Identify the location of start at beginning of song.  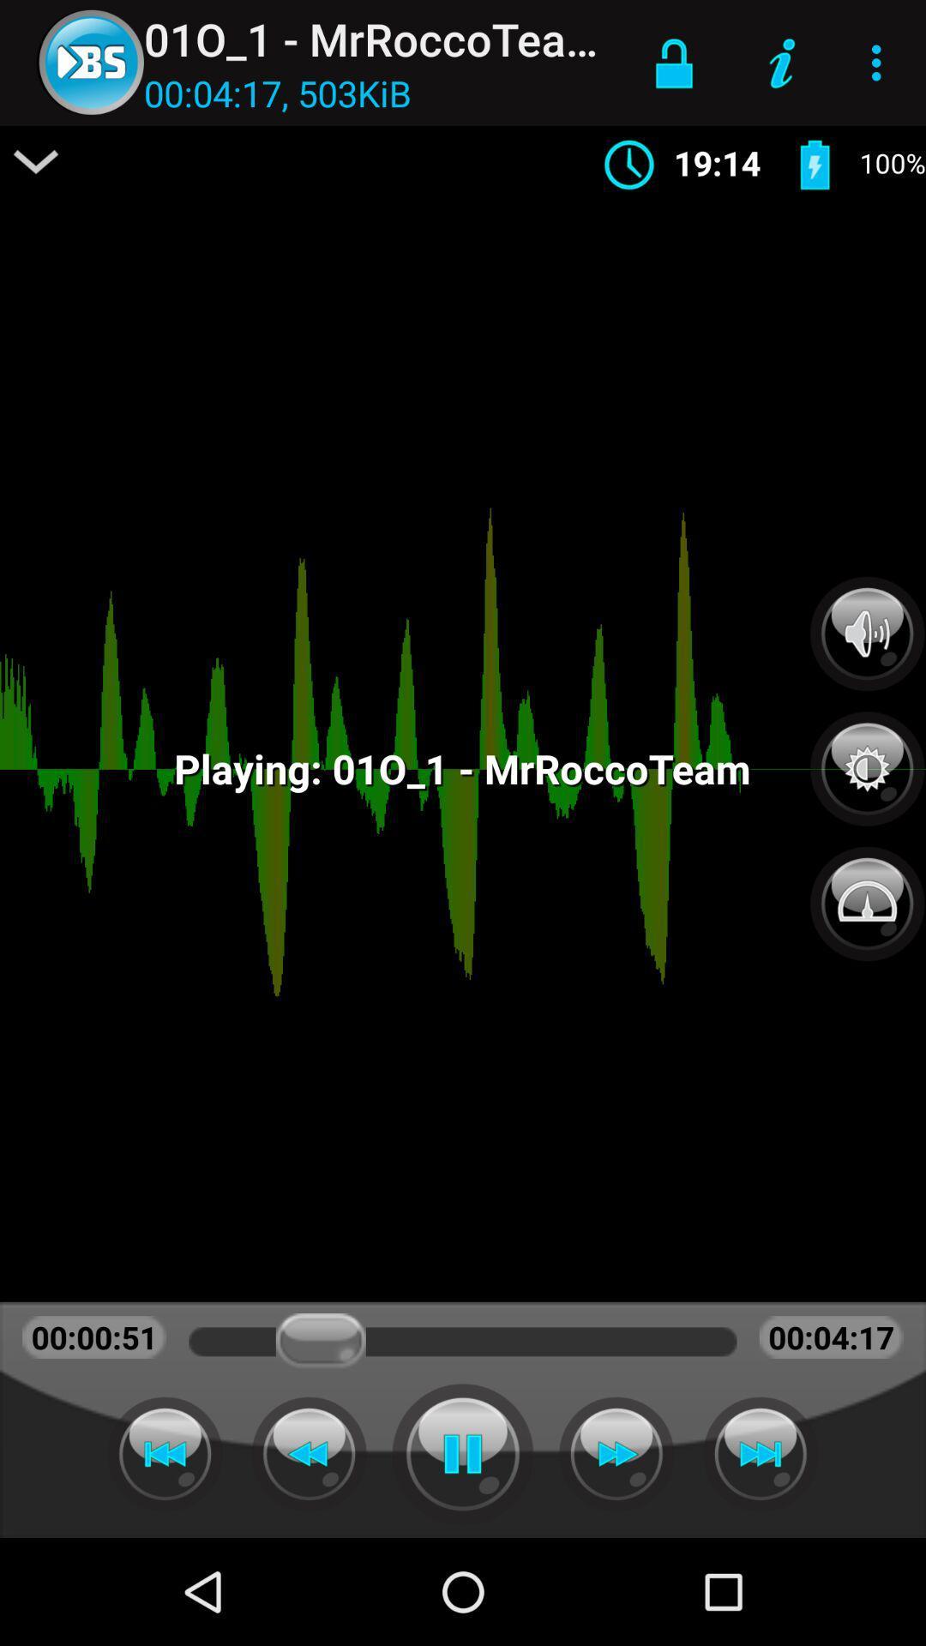
(165, 1453).